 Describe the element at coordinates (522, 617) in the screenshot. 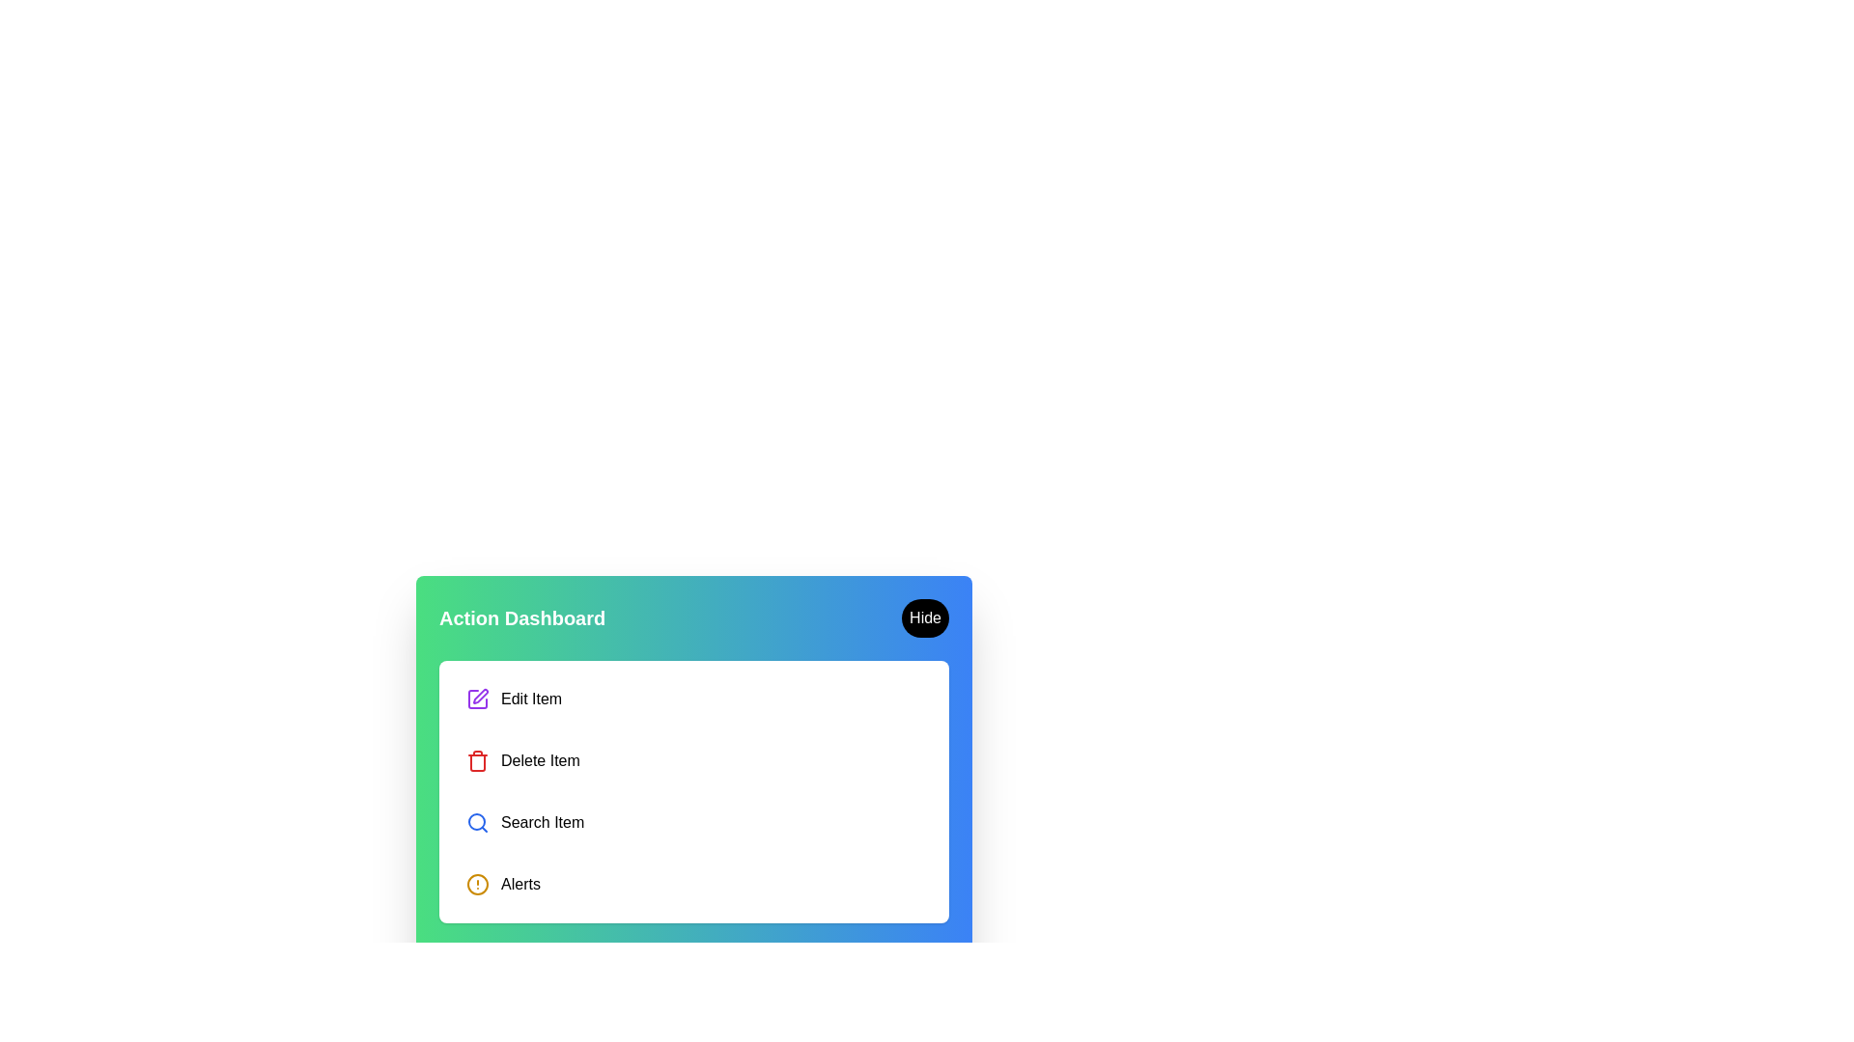

I see `the static text label at the top-left of the card that serves as a header for the interface section, positioned left of the 'Hide' button` at that location.